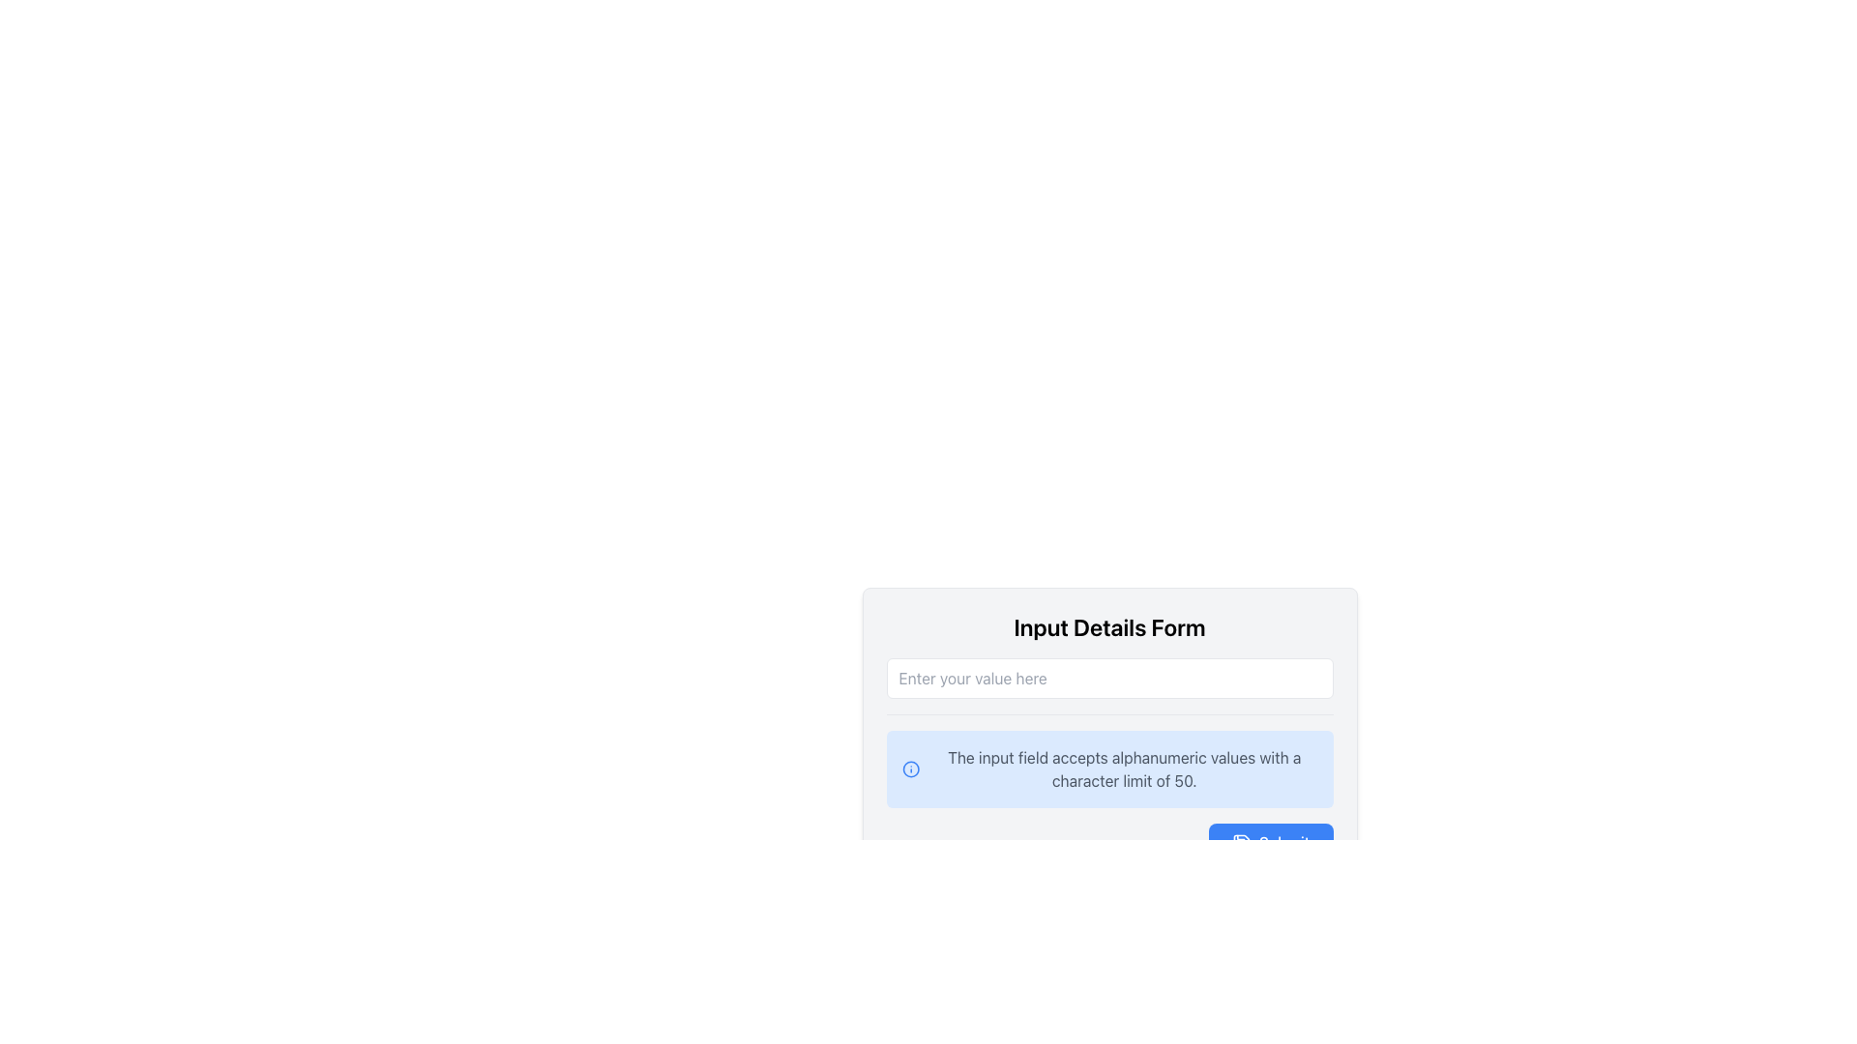 Image resolution: width=1857 pixels, height=1044 pixels. I want to click on informational panel that describes the input field's character limit and accepted values, which is styled with a light blue background and contains an info icon, so click(1109, 768).